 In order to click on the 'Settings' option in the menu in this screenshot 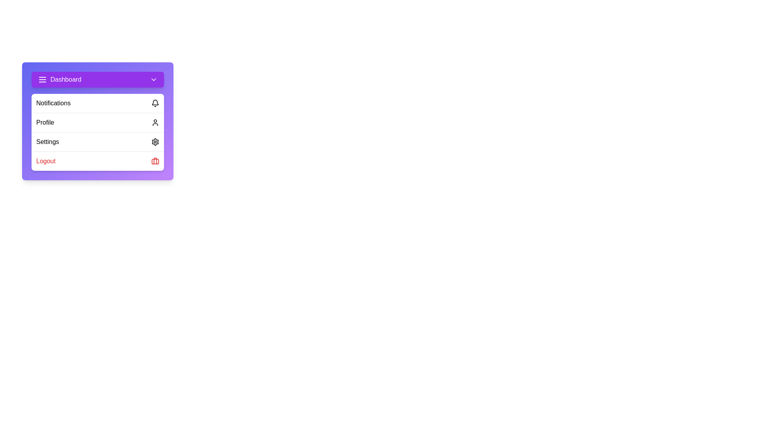, I will do `click(97, 141)`.